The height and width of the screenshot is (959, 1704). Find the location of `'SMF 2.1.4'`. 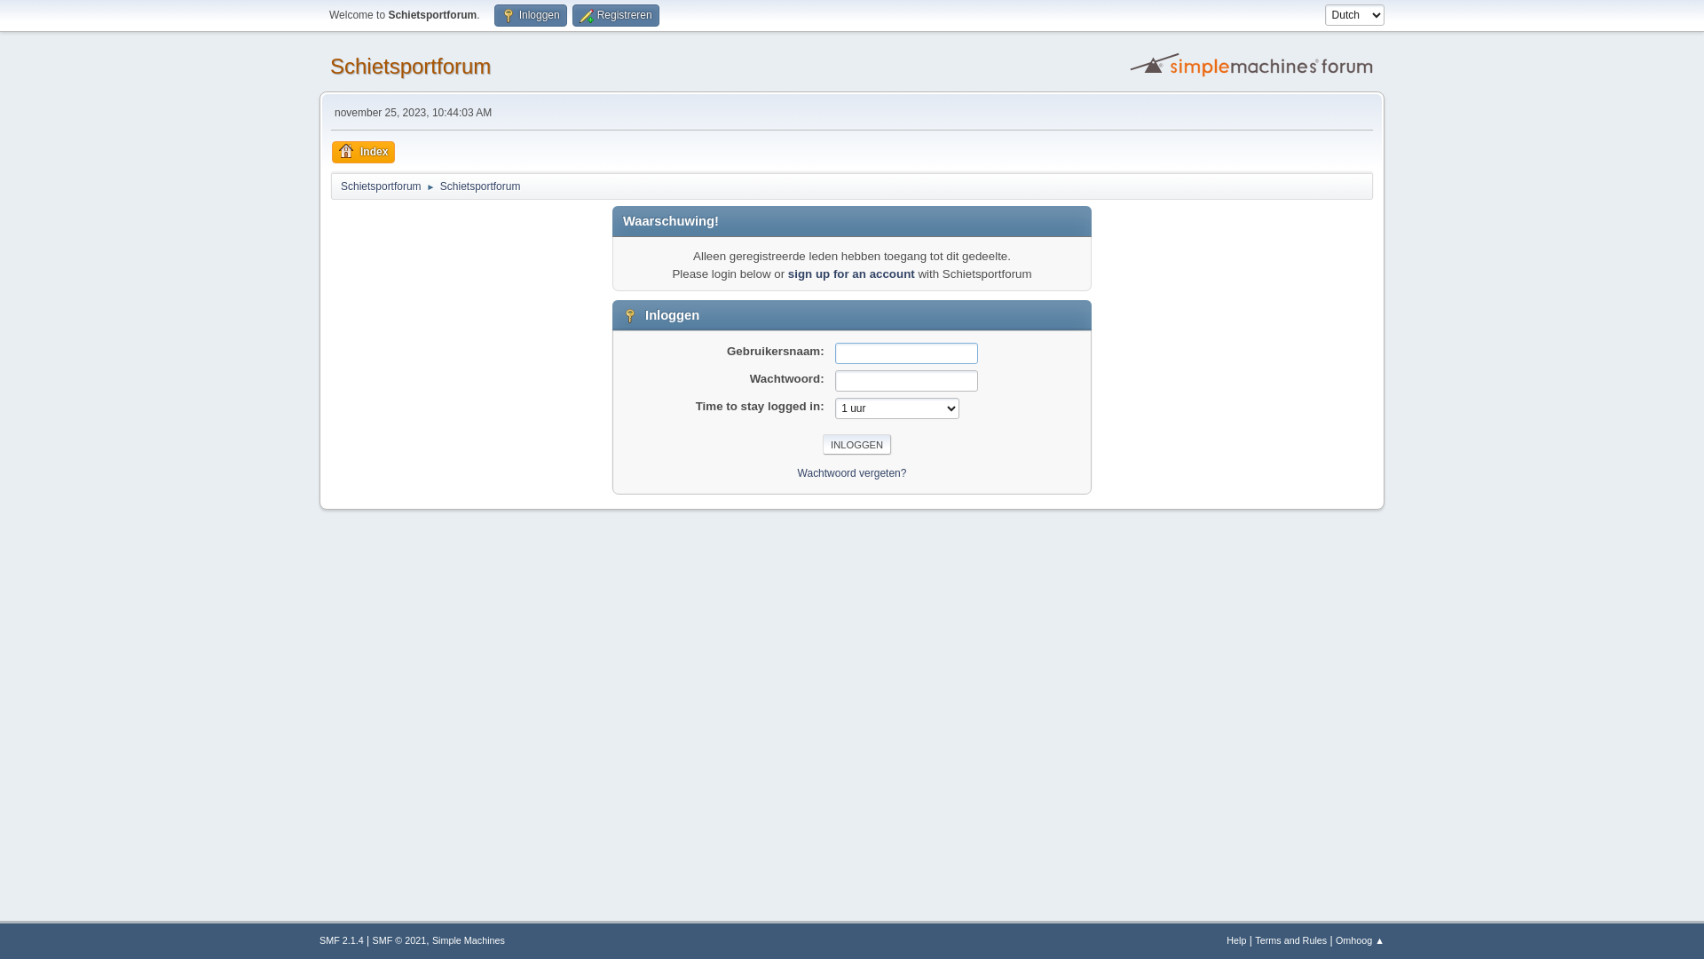

'SMF 2.1.4' is located at coordinates (319, 939).